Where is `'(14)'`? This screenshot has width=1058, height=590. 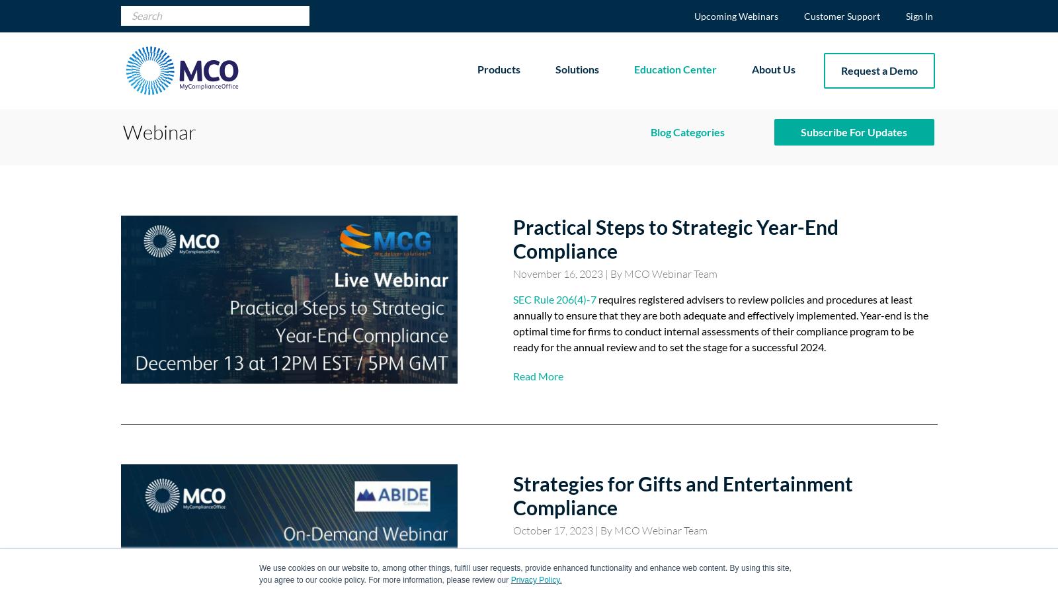 '(14)' is located at coordinates (712, 227).